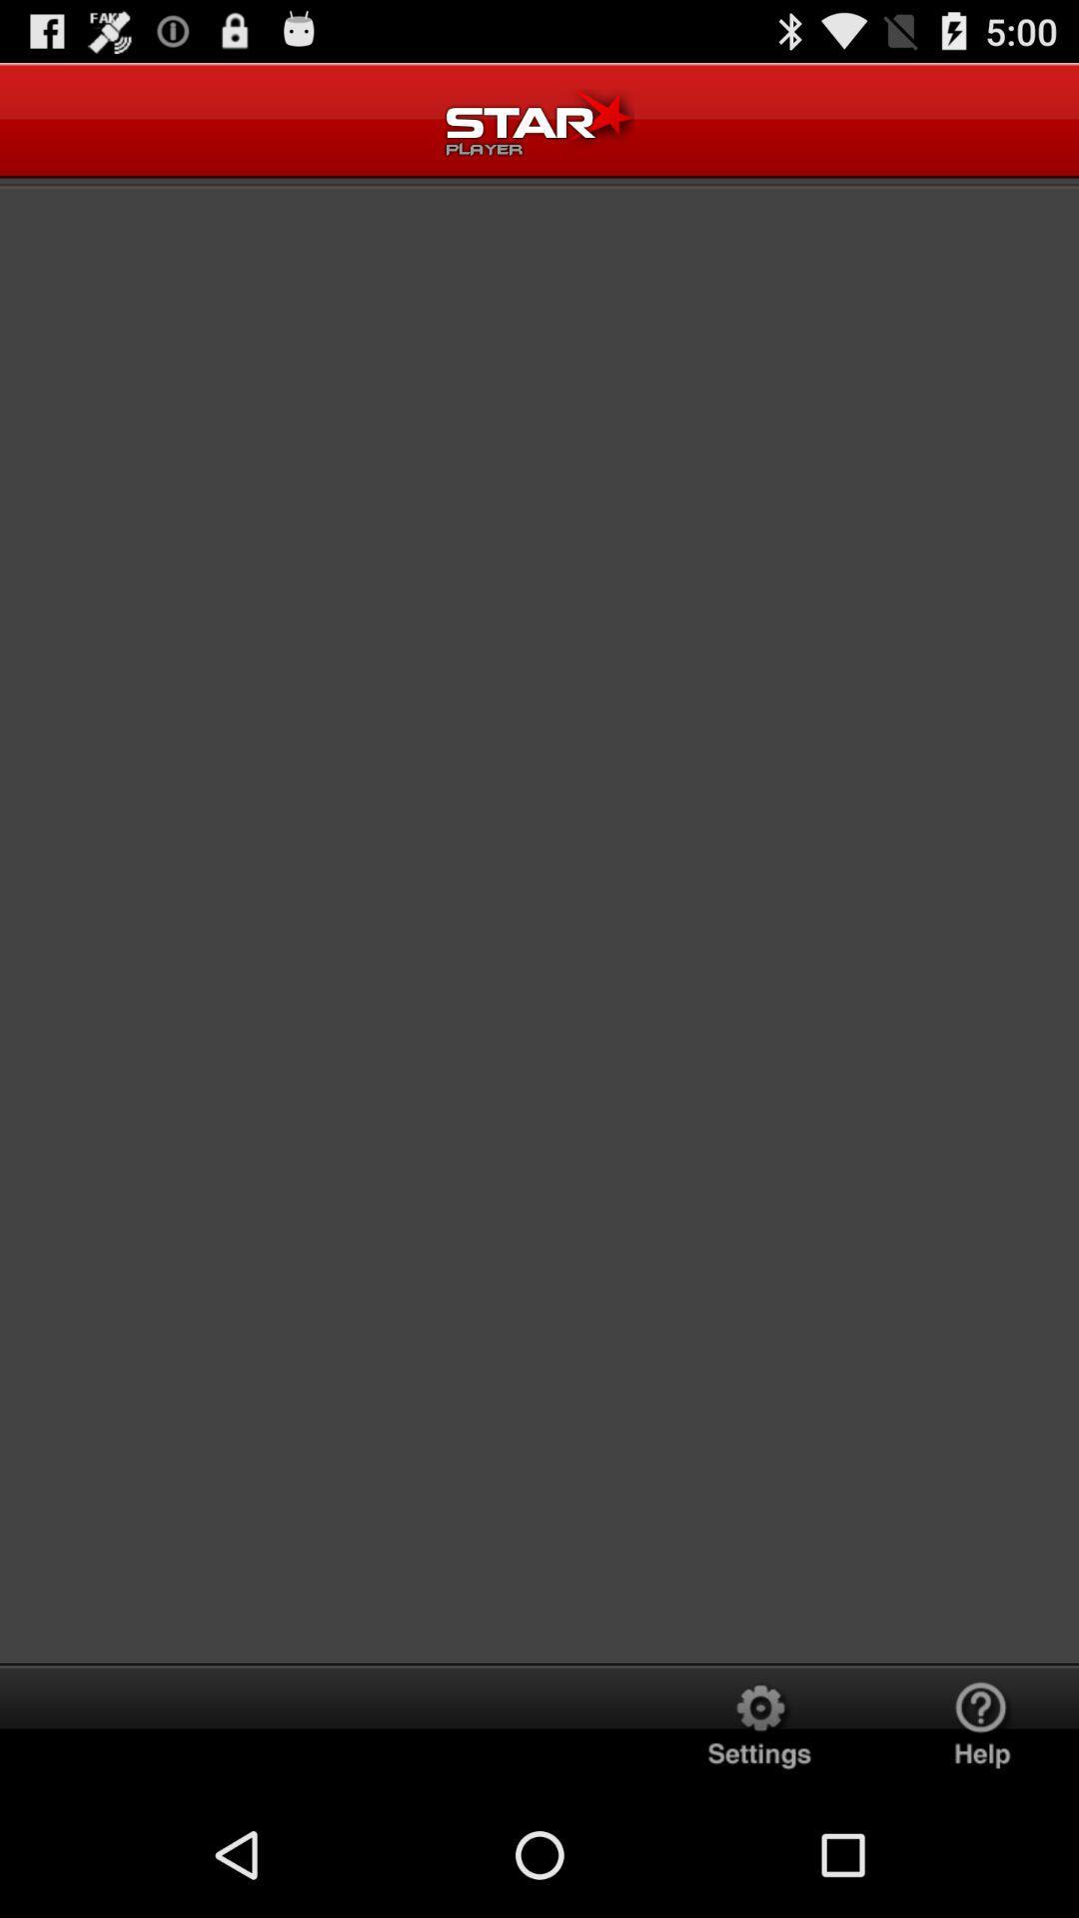 The width and height of the screenshot is (1079, 1918). What do you see at coordinates (980, 1847) in the screenshot?
I see `the help icon` at bounding box center [980, 1847].